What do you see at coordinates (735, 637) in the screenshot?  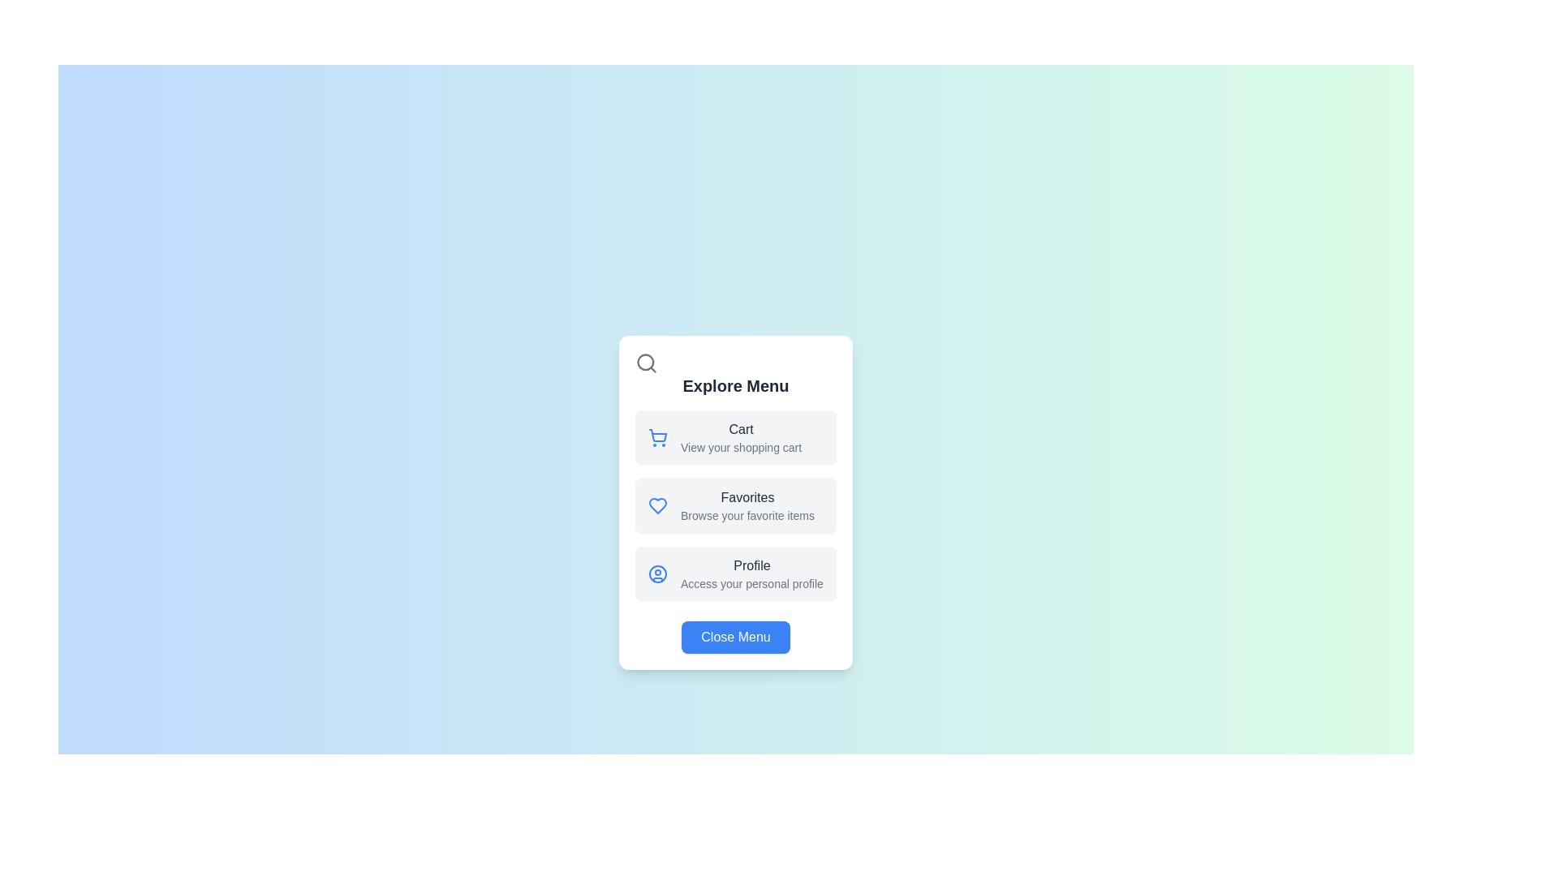 I see `the 'Close Menu' button to close the menu` at bounding box center [735, 637].